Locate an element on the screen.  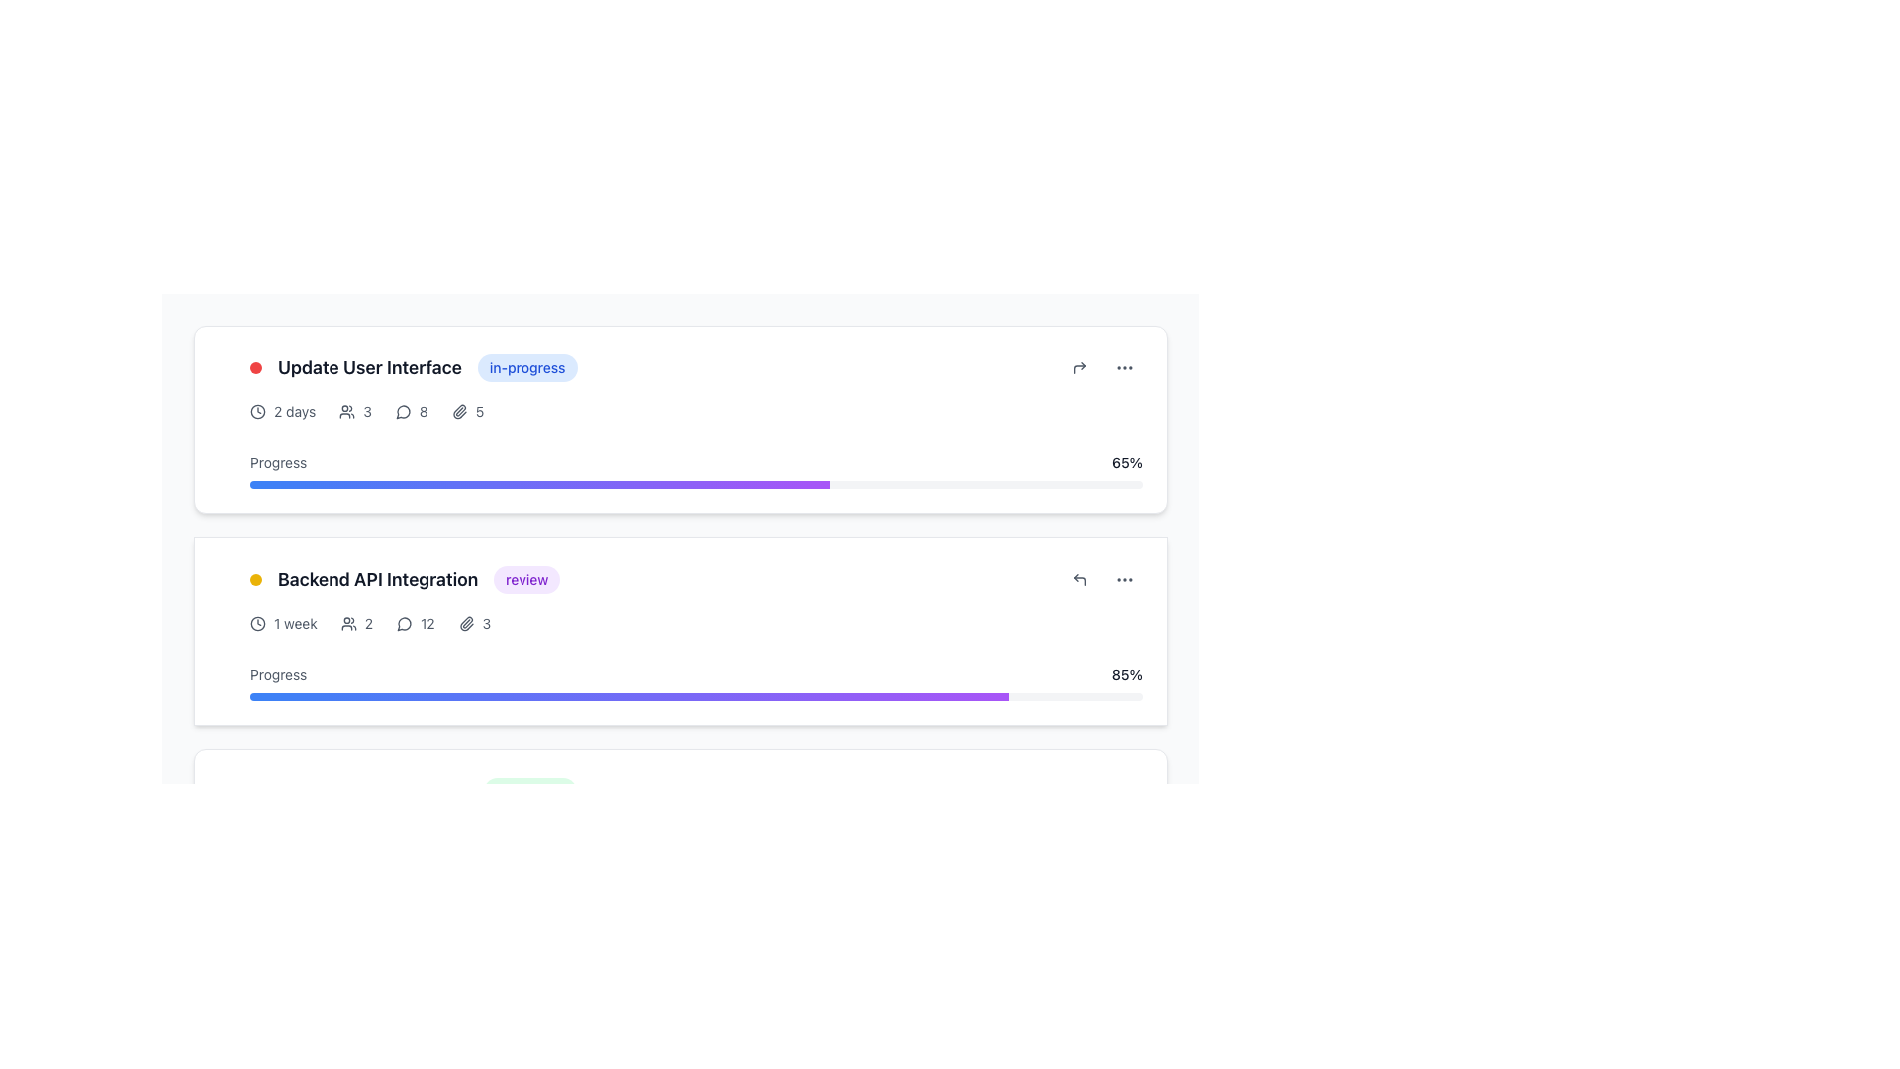
the static text label displaying the number of comments associated with the task 'Update User Interface' to potentially view additional information is located at coordinates (423, 411).